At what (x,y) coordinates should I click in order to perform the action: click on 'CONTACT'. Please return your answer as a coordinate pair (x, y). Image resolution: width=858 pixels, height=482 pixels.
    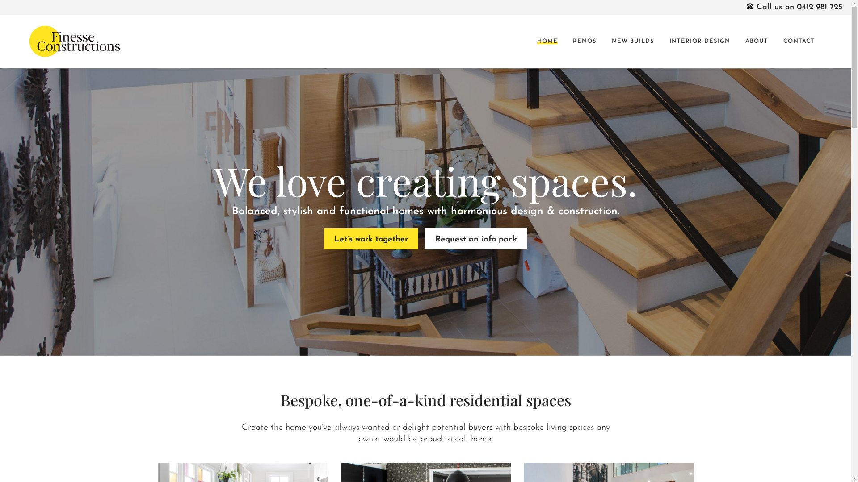
    Looking at the image, I should click on (799, 41).